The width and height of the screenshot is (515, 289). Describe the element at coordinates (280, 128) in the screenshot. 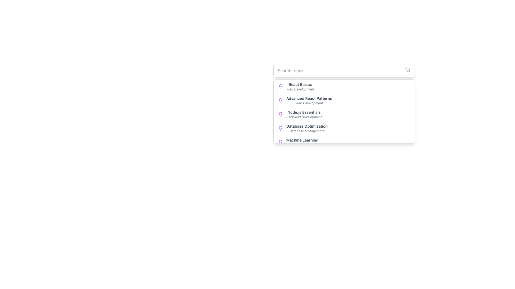

I see `the icon located` at that location.